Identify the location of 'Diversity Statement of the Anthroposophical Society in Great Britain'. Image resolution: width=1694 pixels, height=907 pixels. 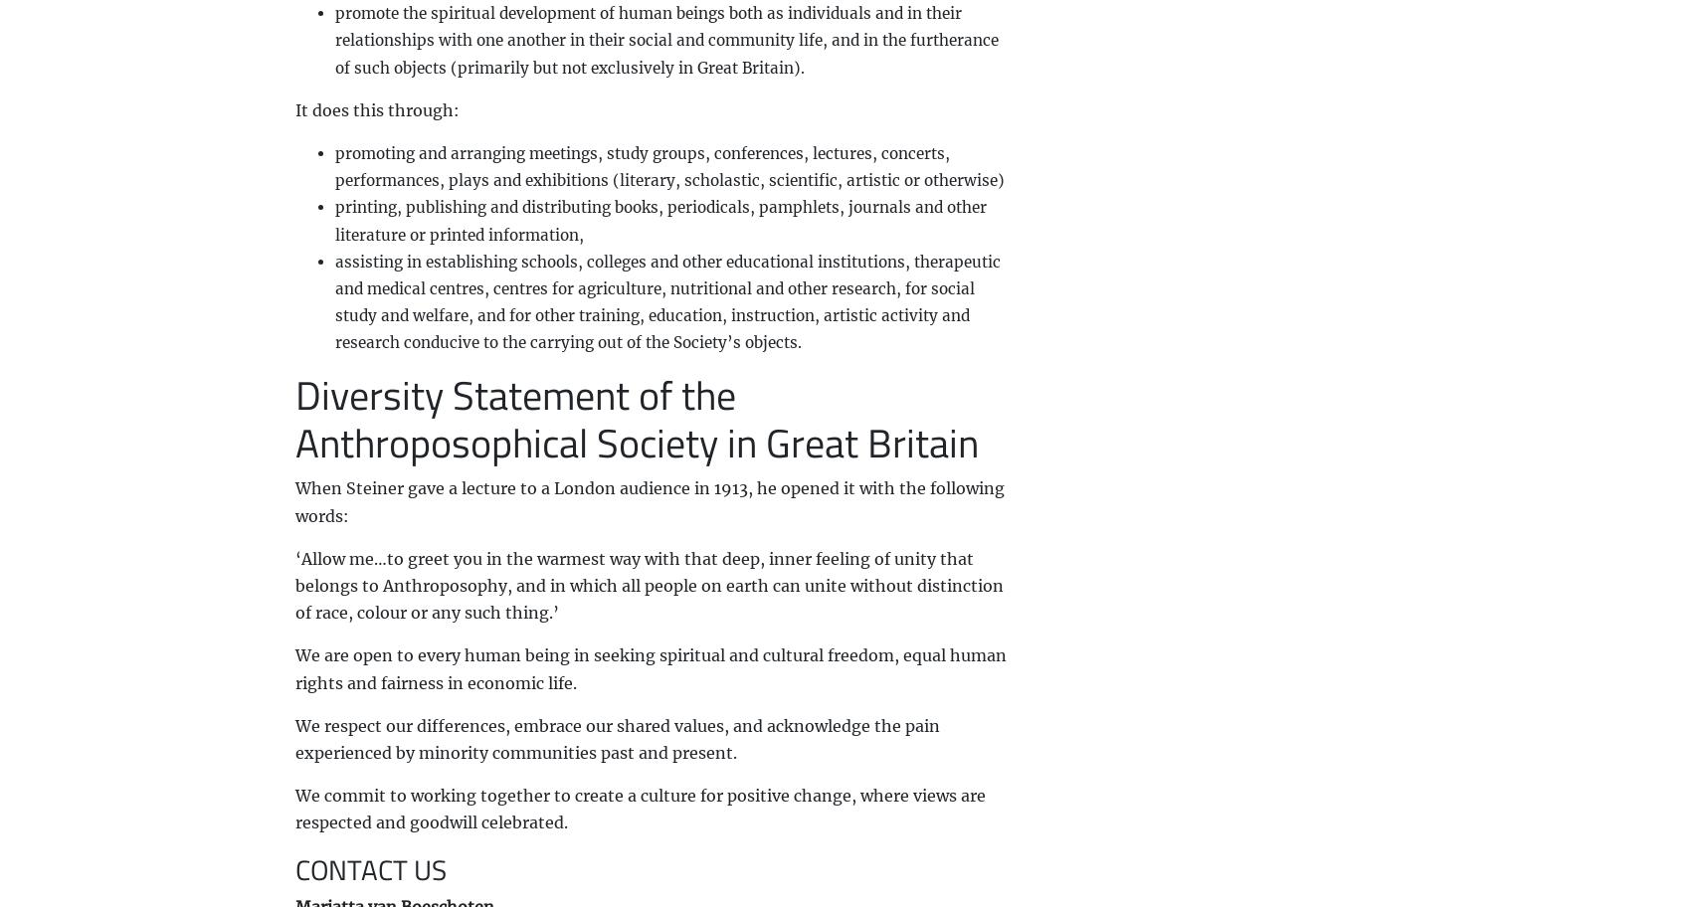
(635, 418).